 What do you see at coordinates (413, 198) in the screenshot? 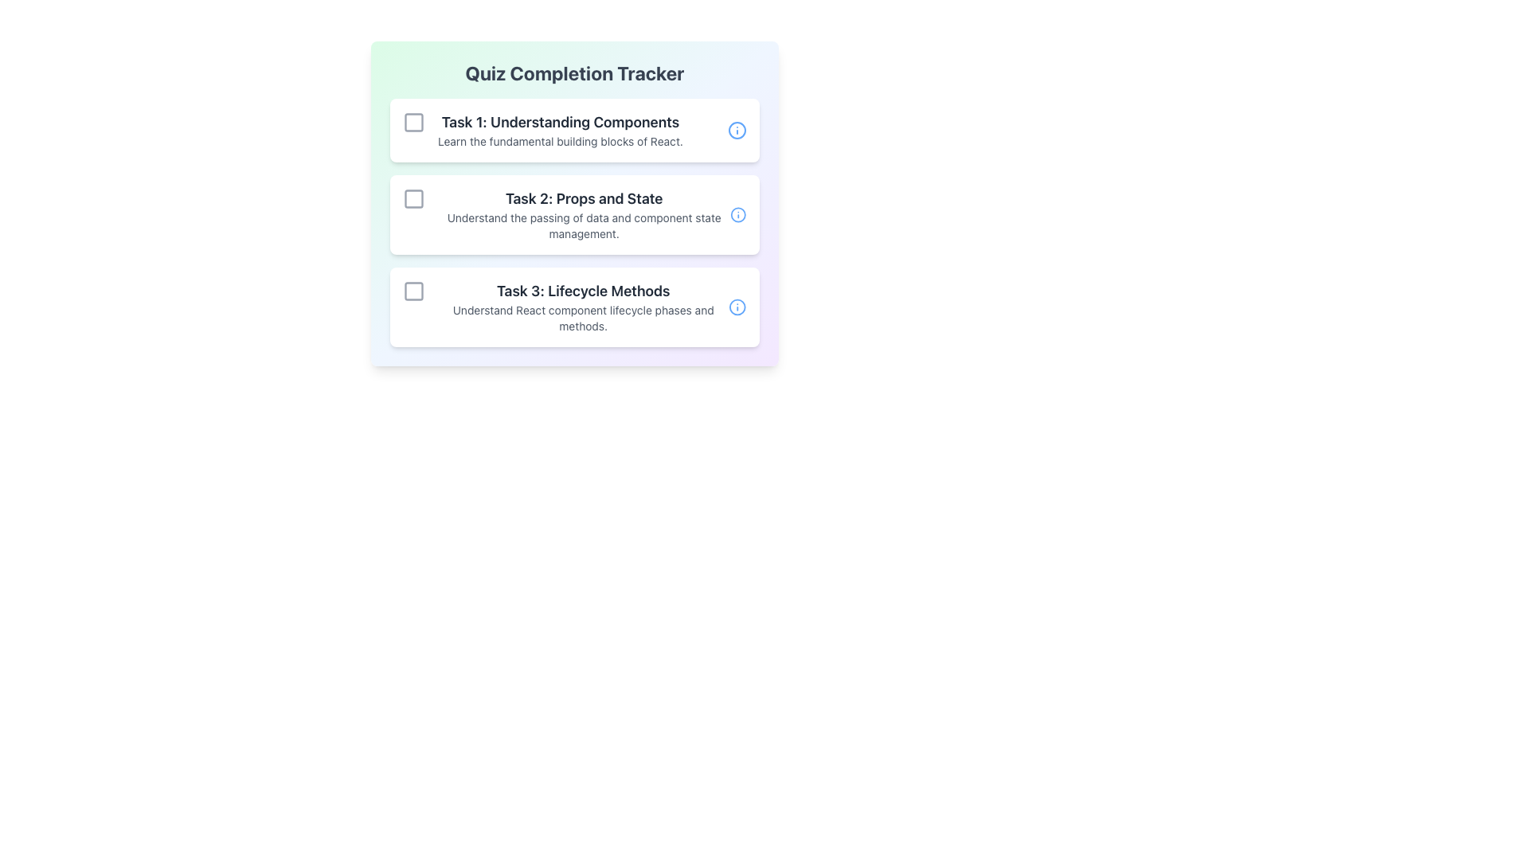
I see `the checkbox located to the left of the text 'Task 2: Props and State'` at bounding box center [413, 198].